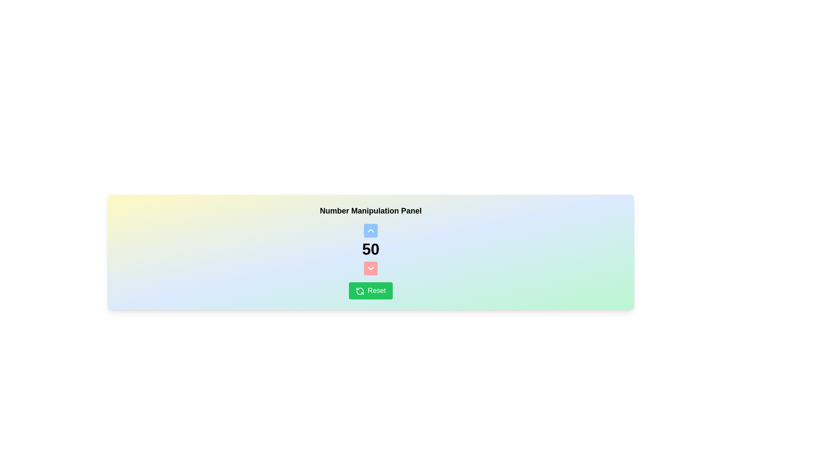 This screenshot has width=825, height=464. What do you see at coordinates (371, 268) in the screenshot?
I see `the button with an icon that decreases the displayed value of '50' to change its background color` at bounding box center [371, 268].